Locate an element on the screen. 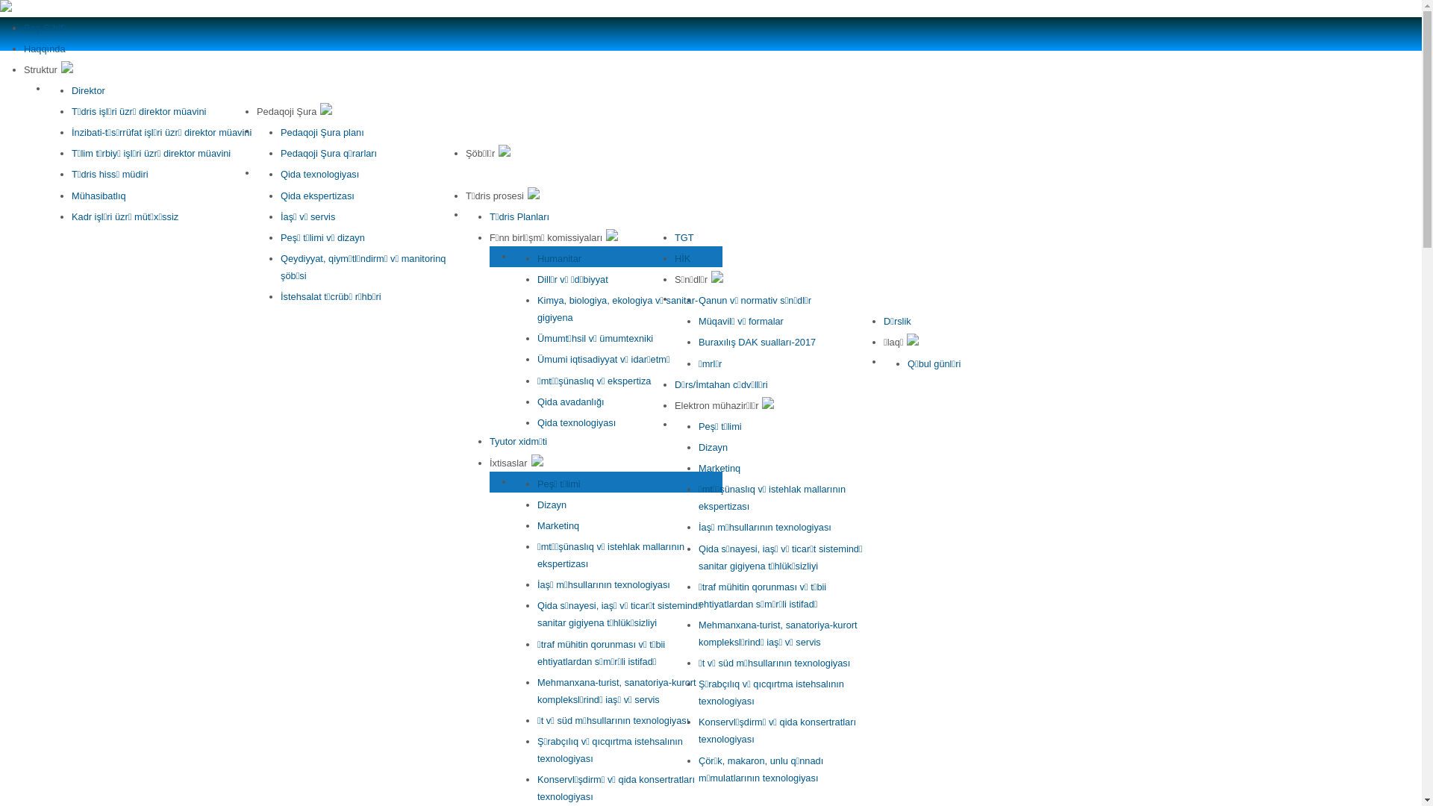 The width and height of the screenshot is (1433, 806). 'Marketinq' is located at coordinates (719, 467).